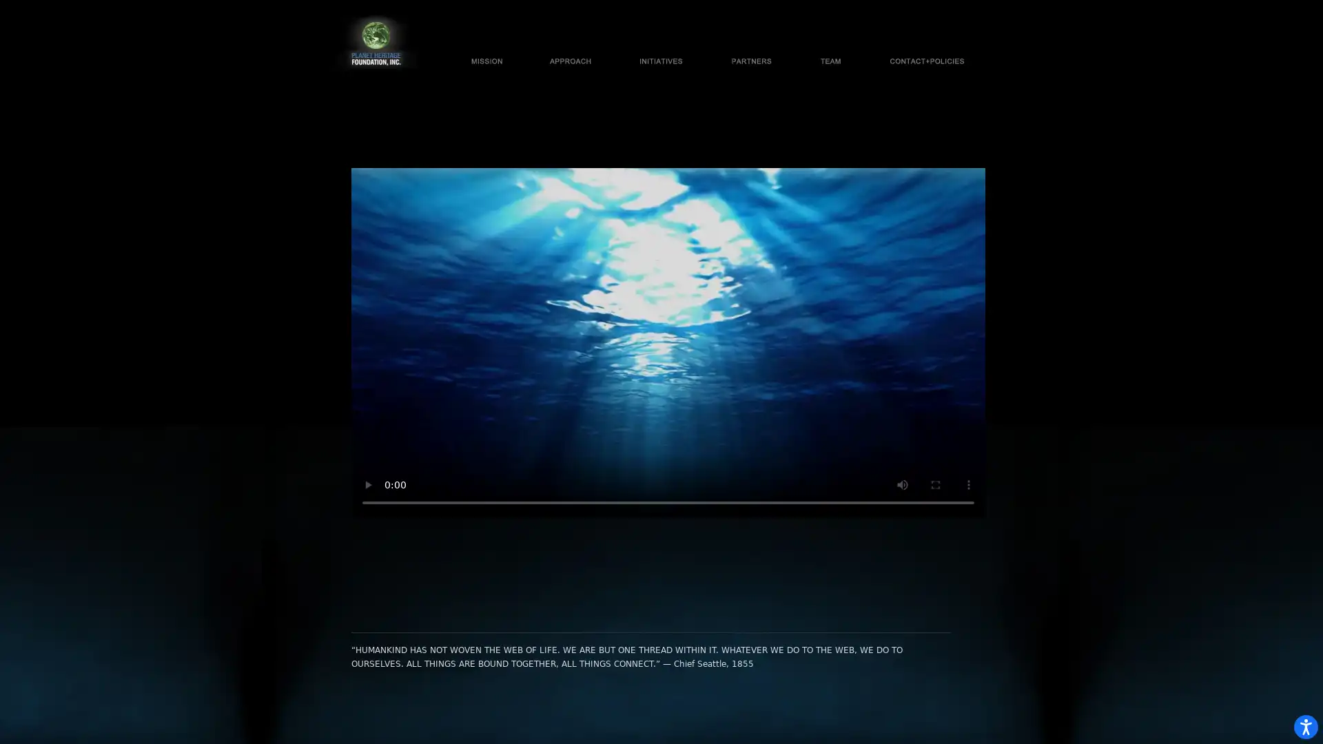 Image resolution: width=1323 pixels, height=744 pixels. I want to click on Open accessibility options, statement and help, so click(1293, 714).